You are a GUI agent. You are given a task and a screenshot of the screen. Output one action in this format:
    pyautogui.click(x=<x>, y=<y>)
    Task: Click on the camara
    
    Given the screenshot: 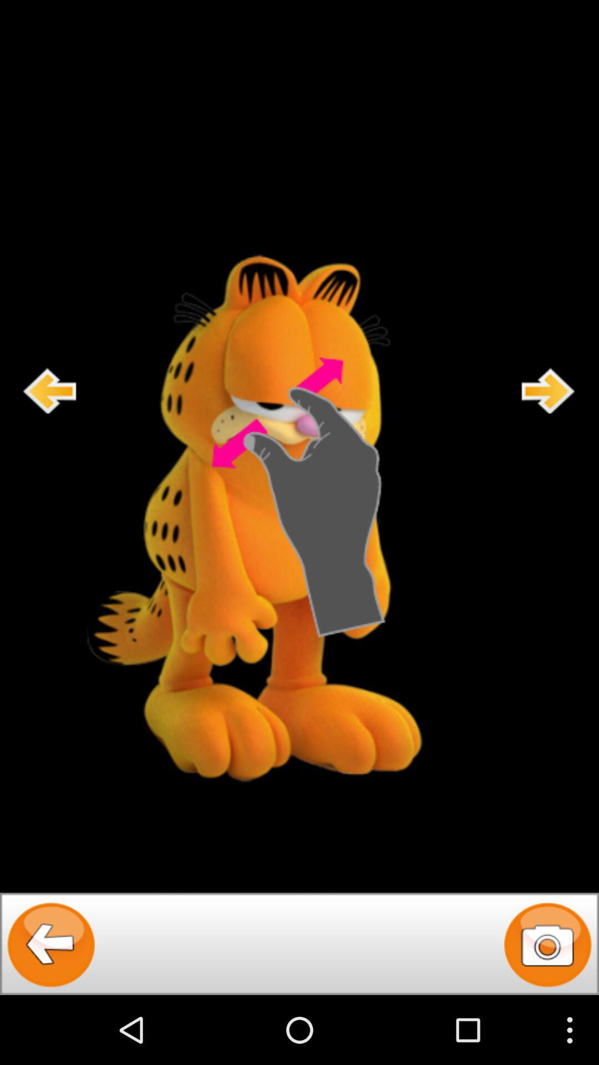 What is the action you would take?
    pyautogui.click(x=547, y=943)
    